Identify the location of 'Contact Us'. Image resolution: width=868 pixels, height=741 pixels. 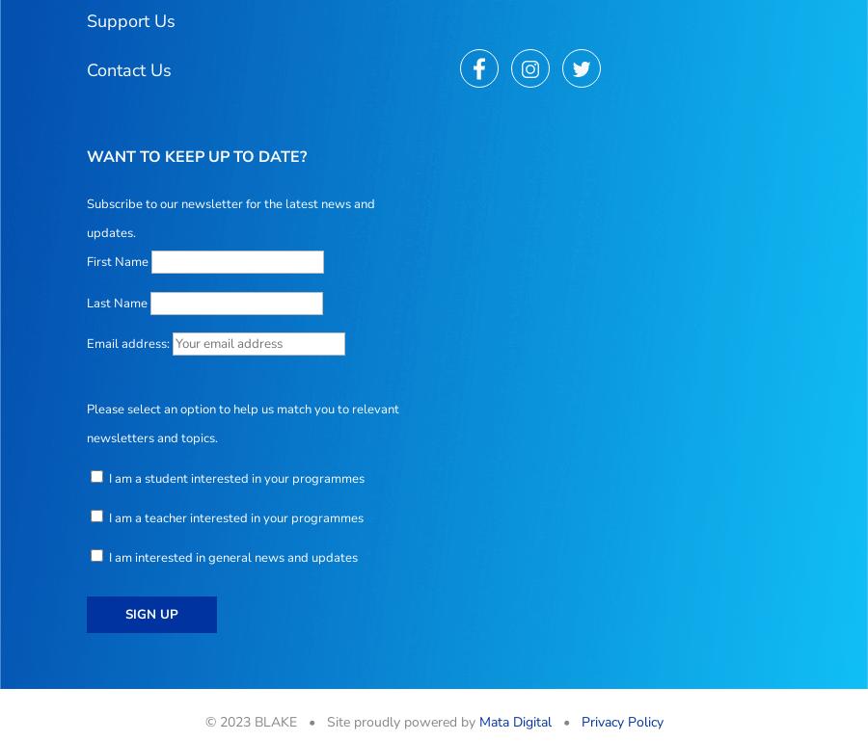
(129, 67).